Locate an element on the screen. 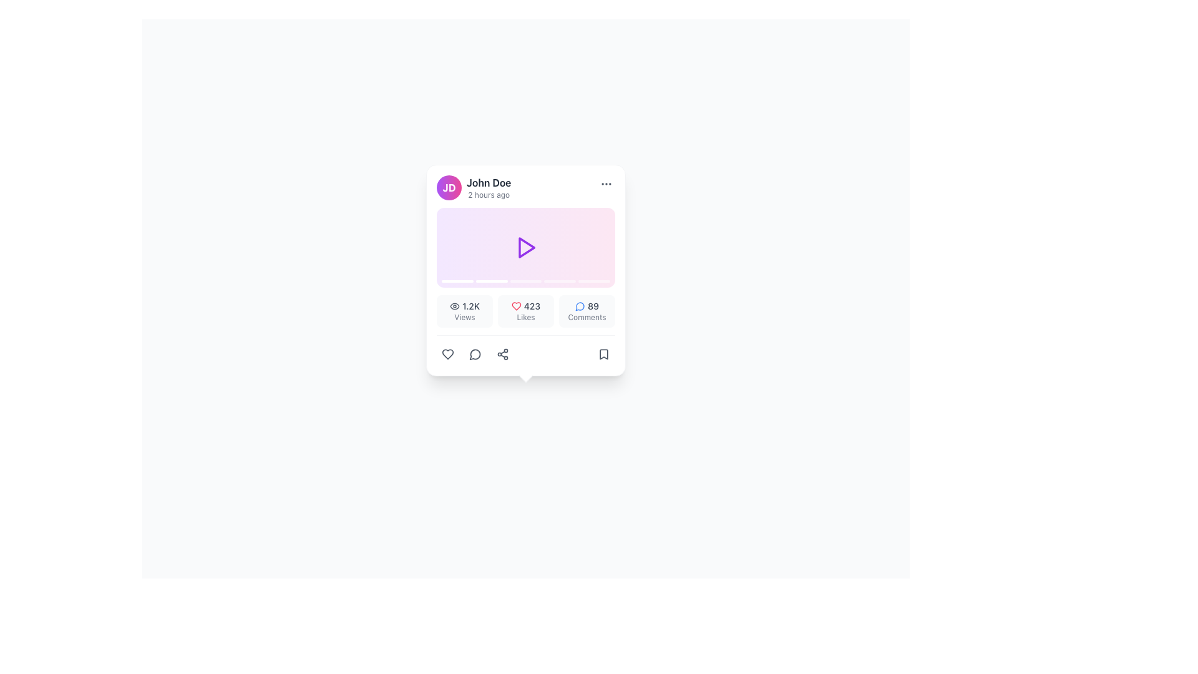 This screenshot has width=1198, height=674. the Interactive media thumbnail, which serves as a button to trigger video playback is located at coordinates (526, 248).